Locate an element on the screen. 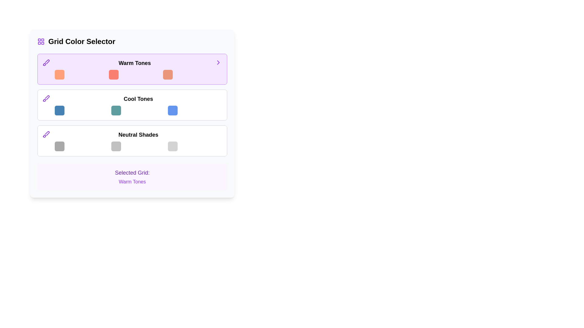  the selectable item with a light gray background in the third position of the 'Neutral Shades' row is located at coordinates (172, 146).